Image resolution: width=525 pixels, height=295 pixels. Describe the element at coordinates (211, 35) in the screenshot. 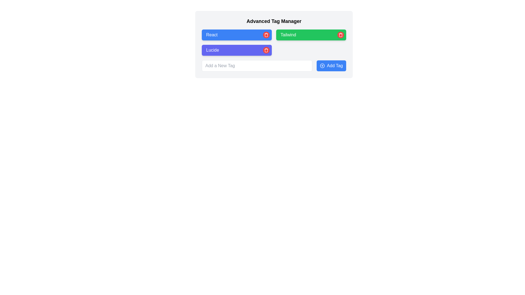

I see `the rectangular label with a blue background and white text reading 'React', which is the first tag in its group within the tag management interface` at that location.